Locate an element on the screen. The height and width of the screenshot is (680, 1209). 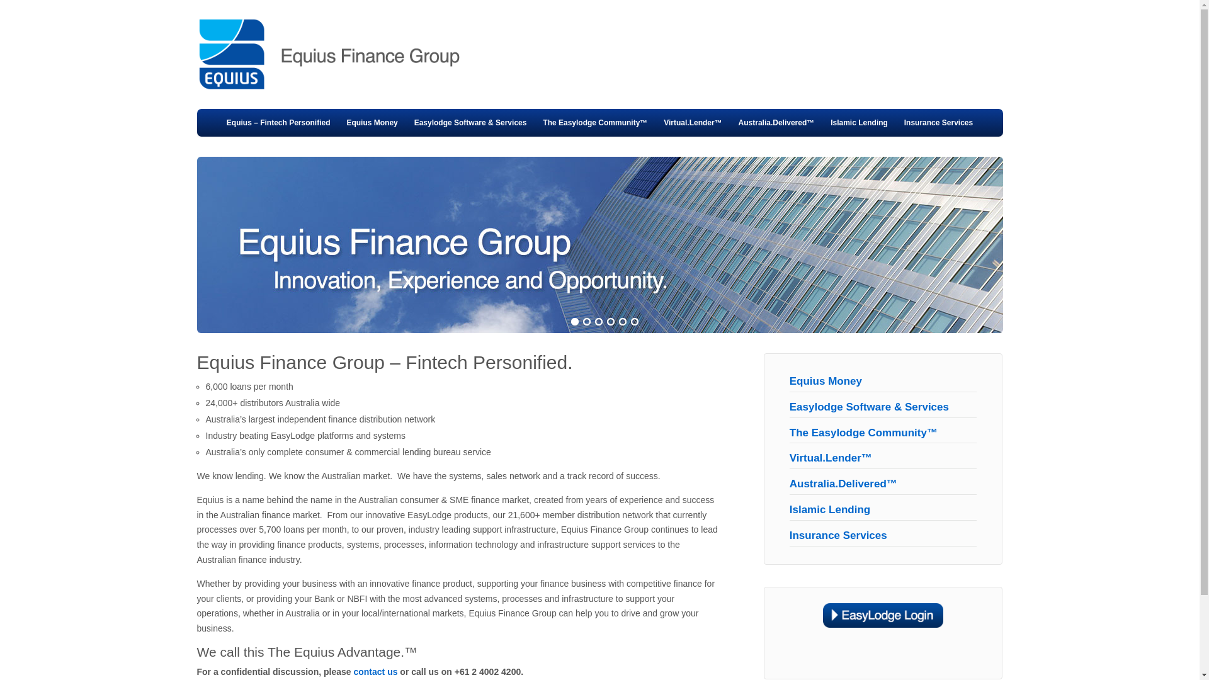
'2' is located at coordinates (586, 322).